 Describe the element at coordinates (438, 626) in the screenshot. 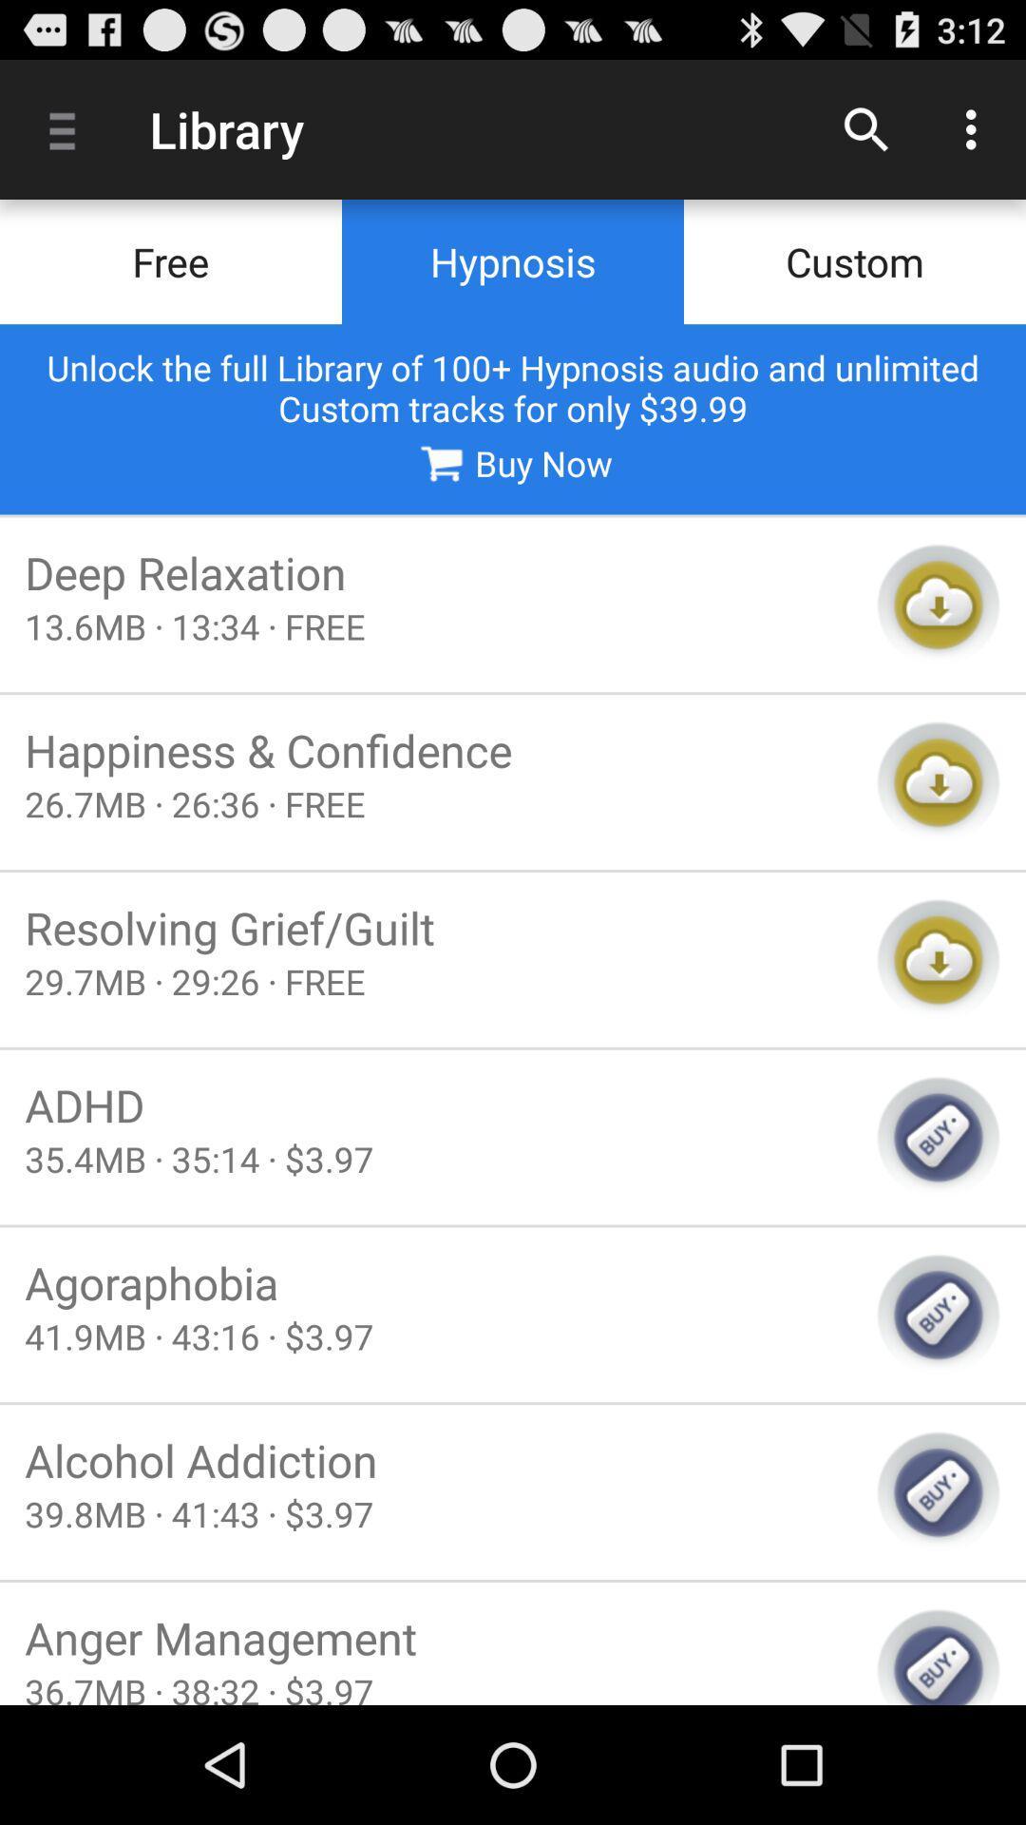

I see `item above the happiness & confidence item` at that location.